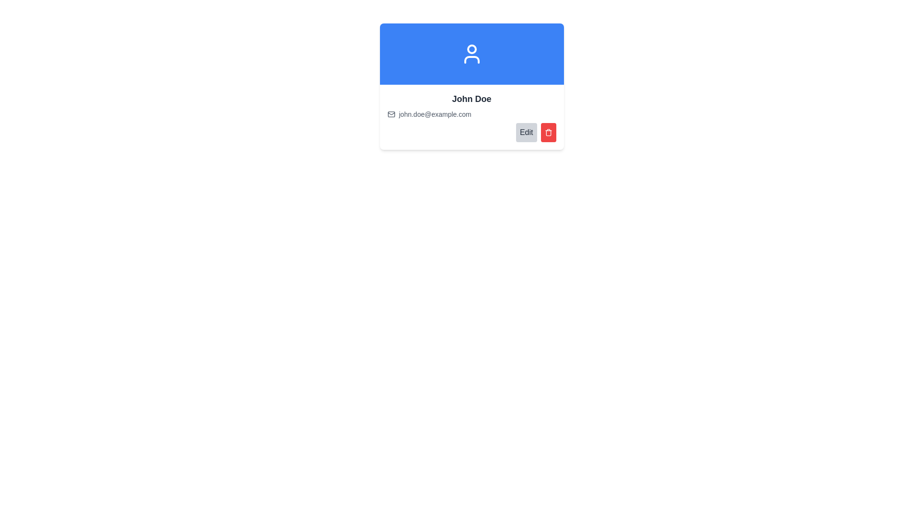 The width and height of the screenshot is (920, 517). What do you see at coordinates (526, 133) in the screenshot?
I see `the 'Edit' button, which is a rectangular button with rounded corners, light gray background, and dark gray text, positioned as the leftmost button in a horizontal group of buttons` at bounding box center [526, 133].